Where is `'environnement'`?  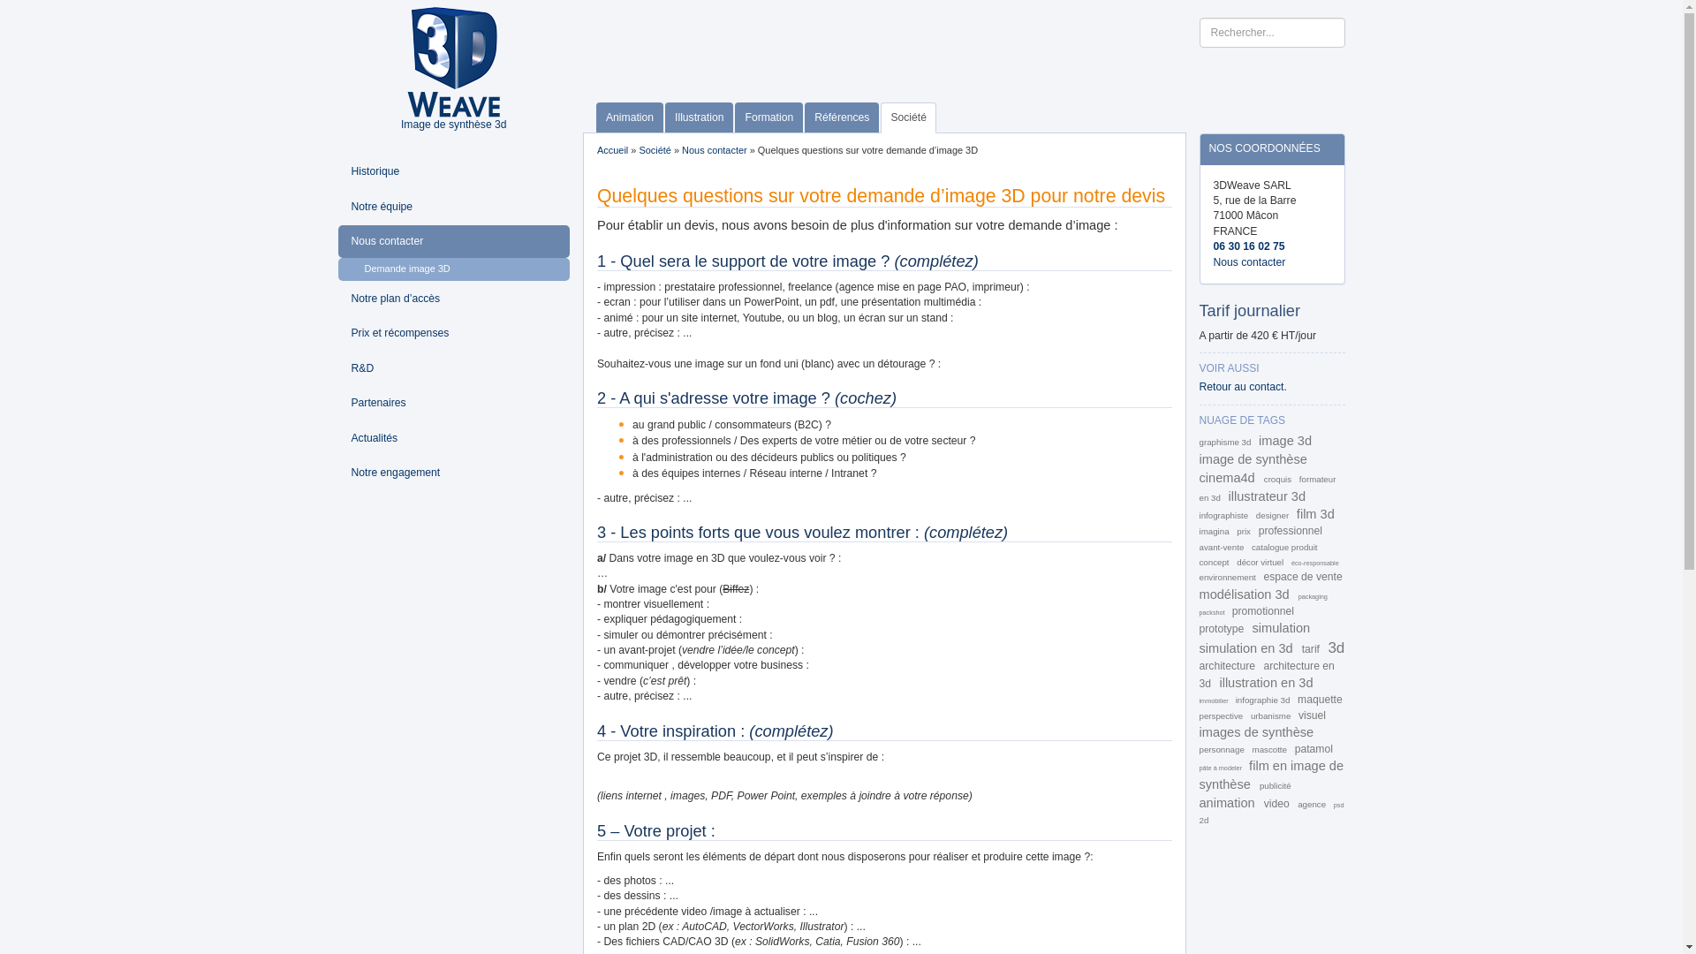 'environnement' is located at coordinates (1228, 577).